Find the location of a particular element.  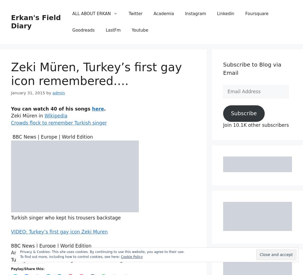

'Erkan's Field Diary' is located at coordinates (36, 21).